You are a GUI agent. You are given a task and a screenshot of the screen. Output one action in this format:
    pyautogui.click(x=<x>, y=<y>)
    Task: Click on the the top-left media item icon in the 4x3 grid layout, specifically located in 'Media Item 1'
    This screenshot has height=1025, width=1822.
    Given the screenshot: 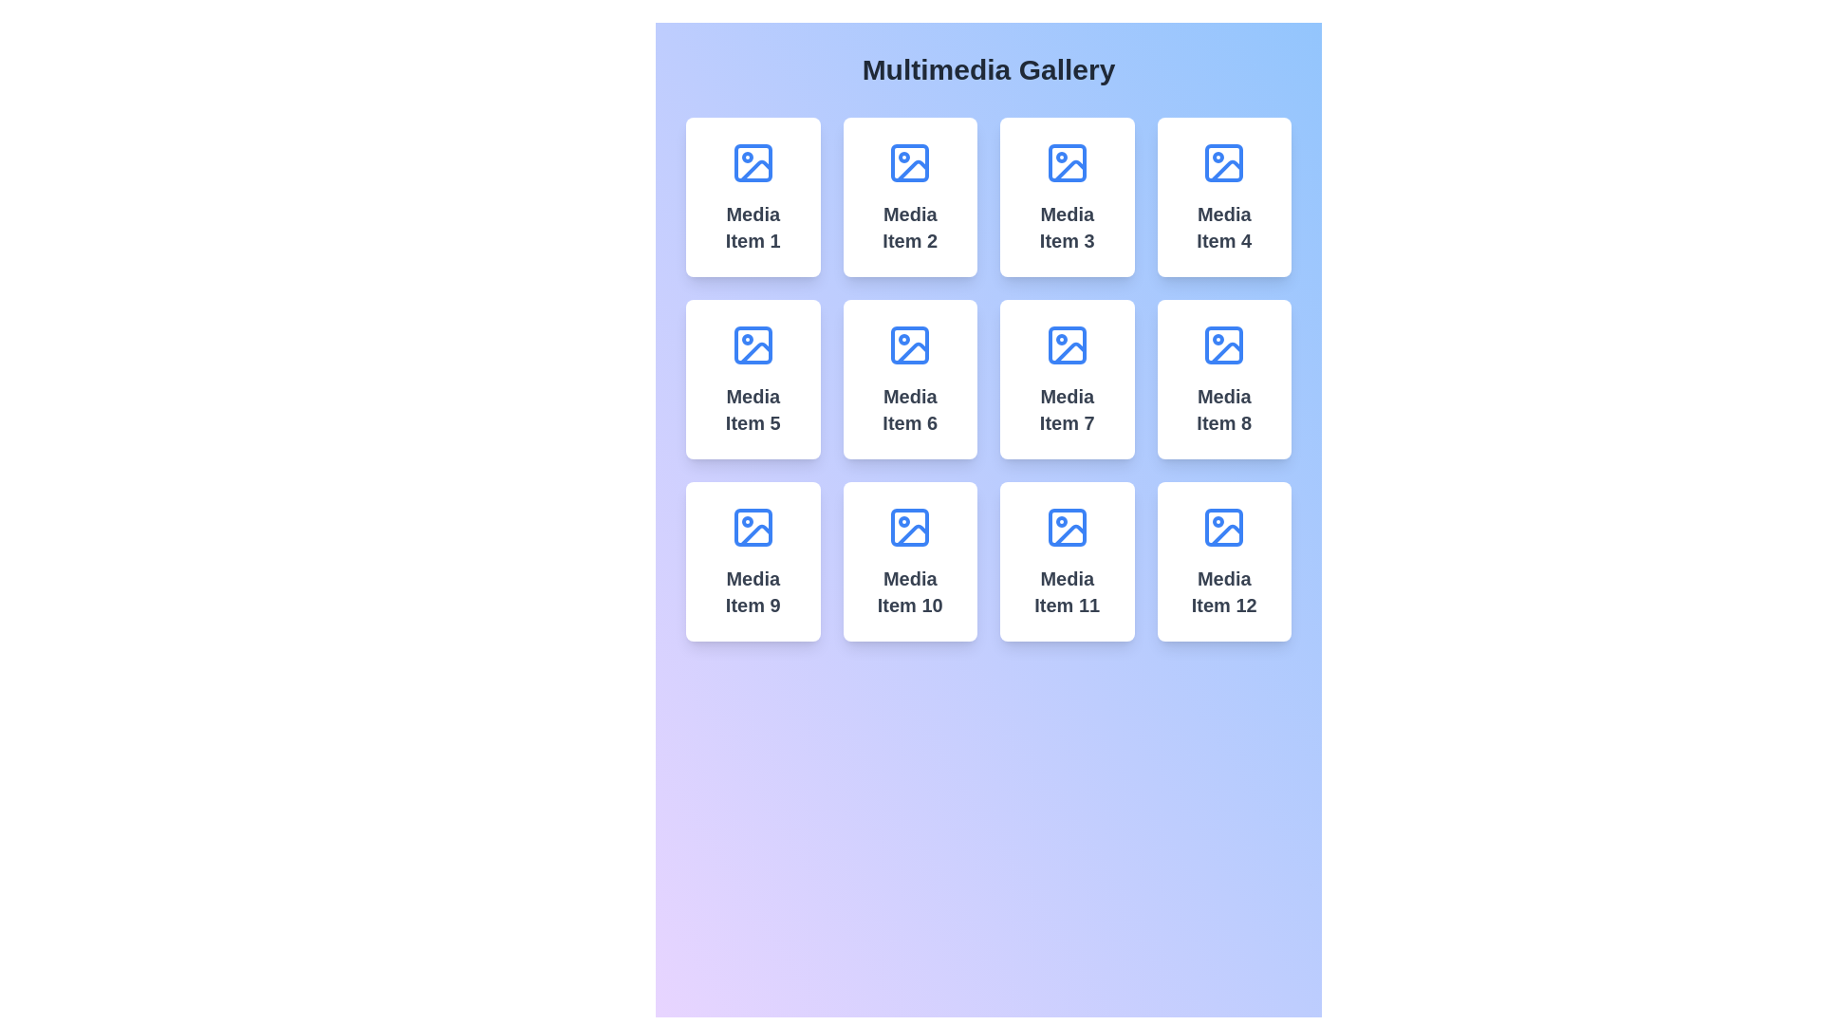 What is the action you would take?
    pyautogui.click(x=752, y=162)
    